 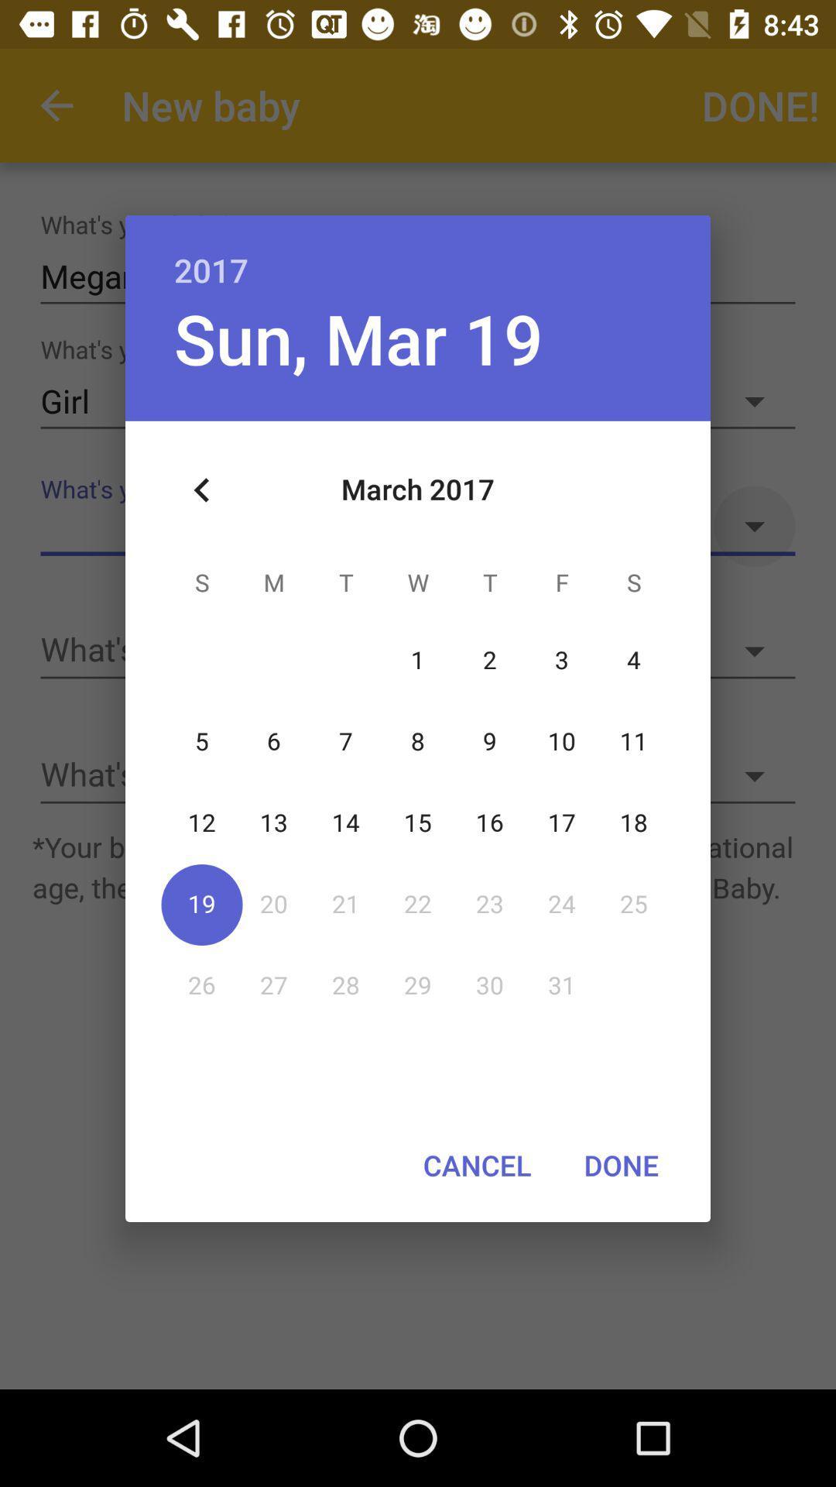 I want to click on the sun, mar 19, so click(x=358, y=337).